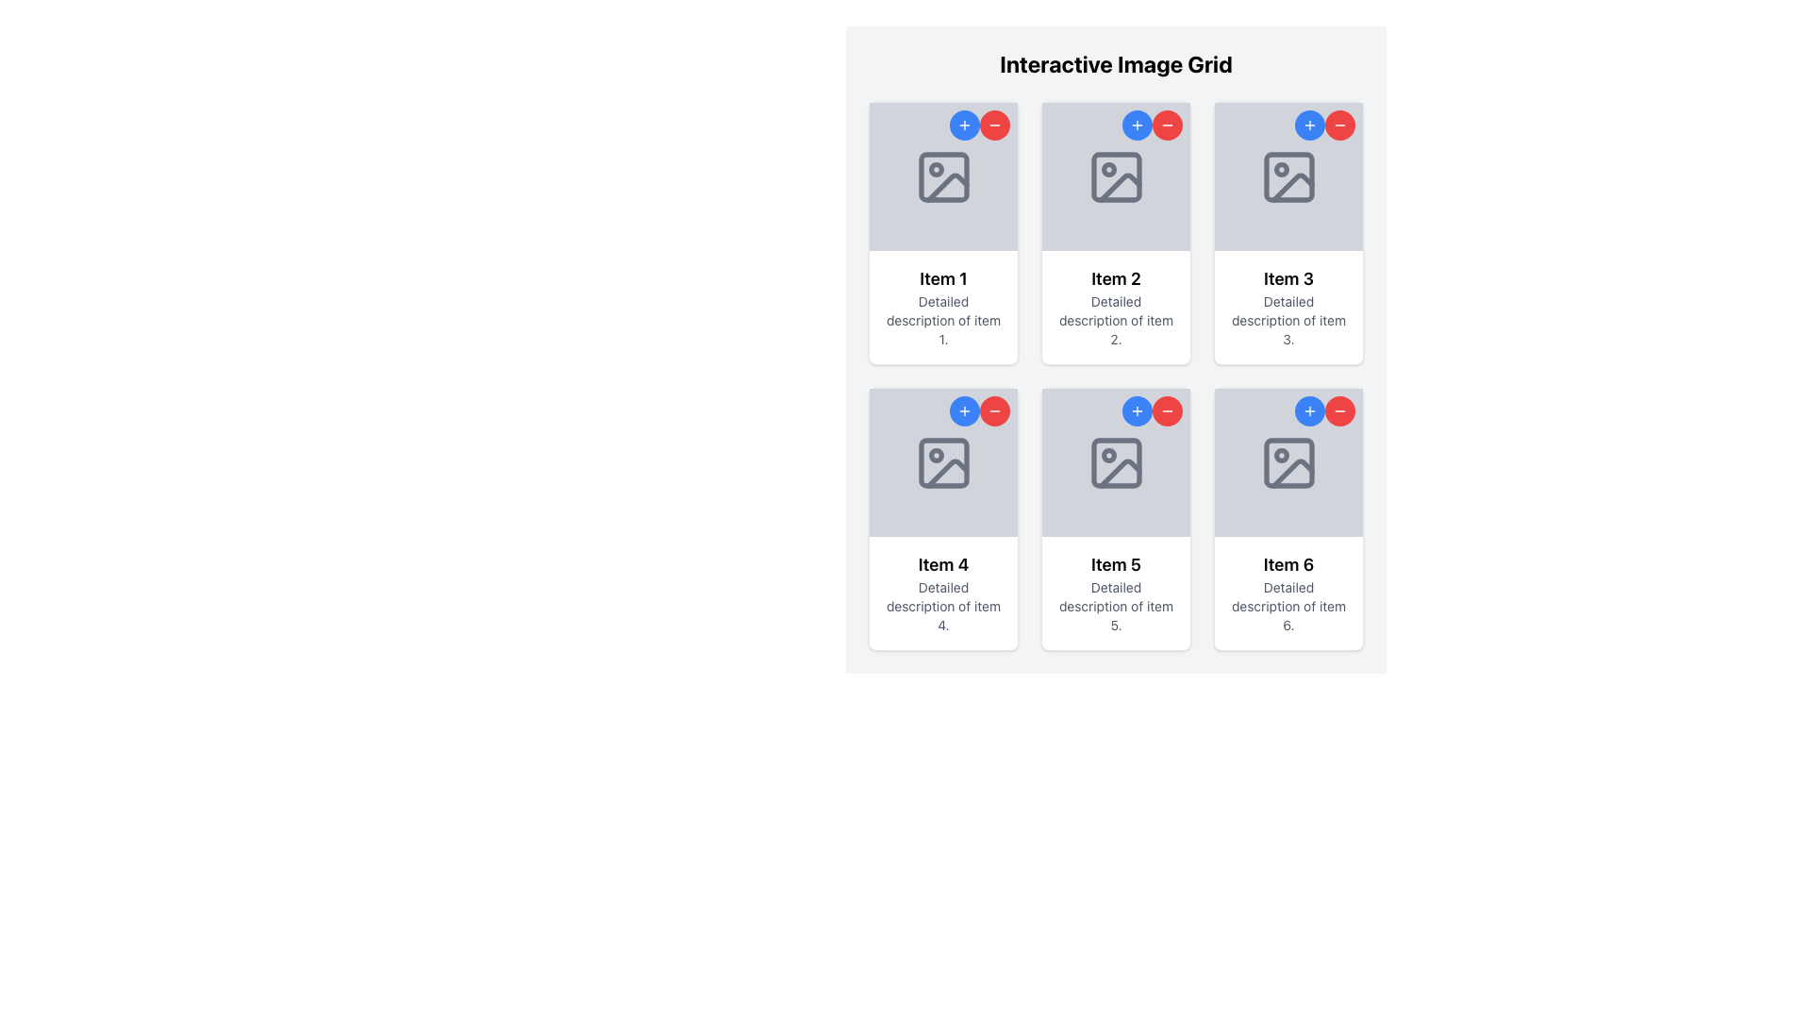 The width and height of the screenshot is (1811, 1019). I want to click on the information represented by the placeholder located at the top of the 'Item 4' card in the second row and first column of the grid layout, so click(943, 462).